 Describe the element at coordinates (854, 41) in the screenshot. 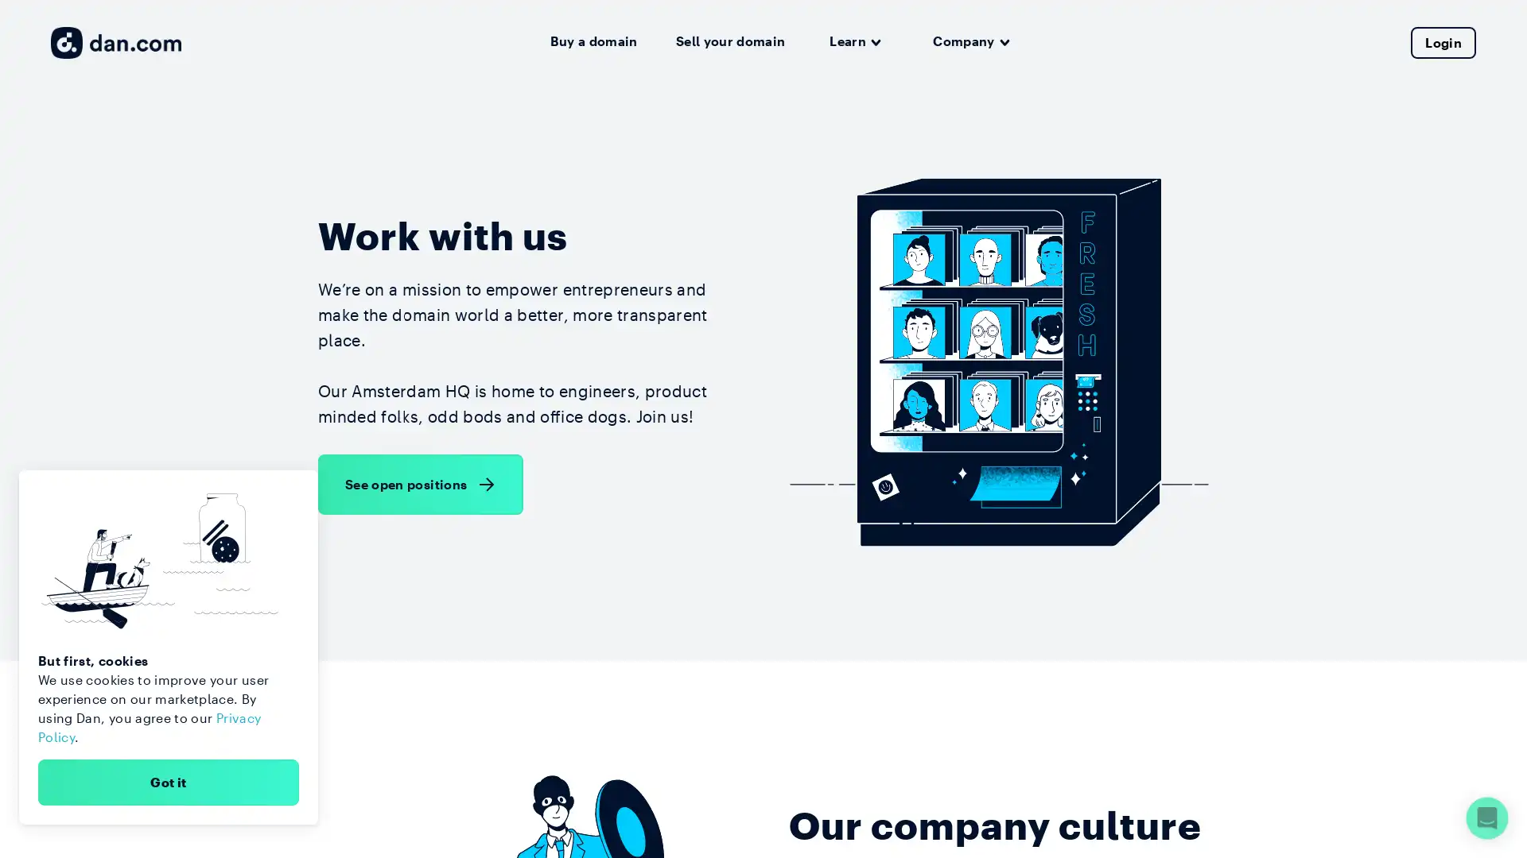

I see `Learn` at that location.